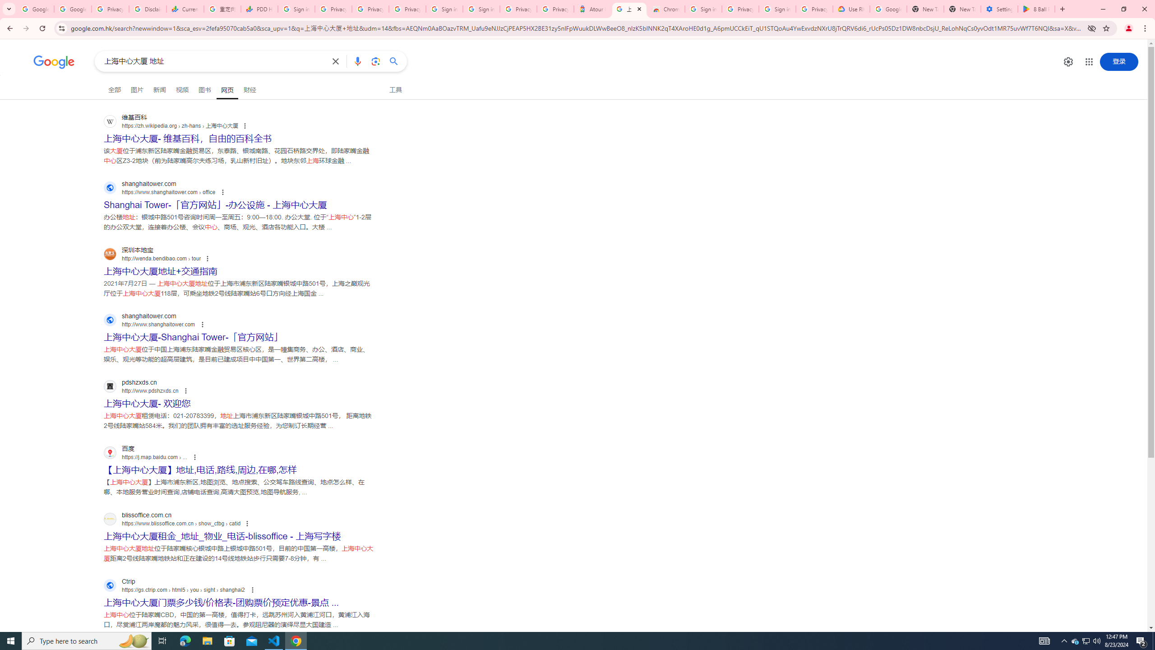 The height and width of the screenshot is (650, 1155). I want to click on 'Atour Hotel - Google hotels', so click(592, 9).